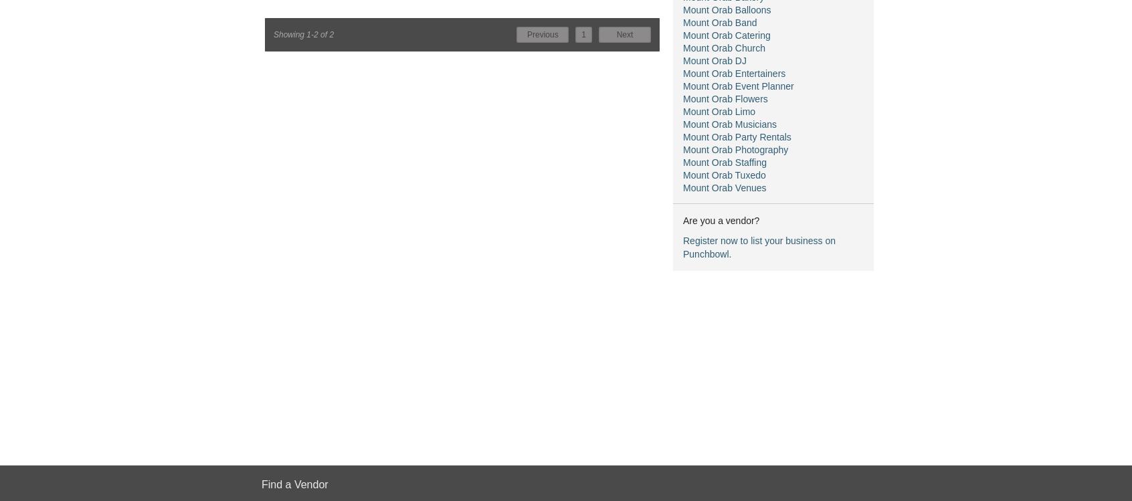  What do you see at coordinates (725, 99) in the screenshot?
I see `'Mount Orab Flowers'` at bounding box center [725, 99].